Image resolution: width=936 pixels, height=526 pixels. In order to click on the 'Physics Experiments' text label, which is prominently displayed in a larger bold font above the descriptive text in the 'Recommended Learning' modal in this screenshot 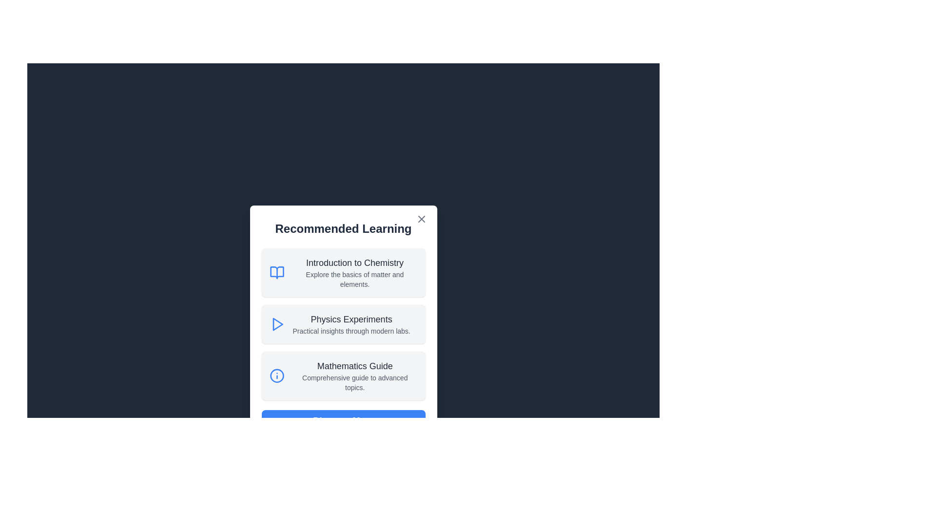, I will do `click(351, 319)`.